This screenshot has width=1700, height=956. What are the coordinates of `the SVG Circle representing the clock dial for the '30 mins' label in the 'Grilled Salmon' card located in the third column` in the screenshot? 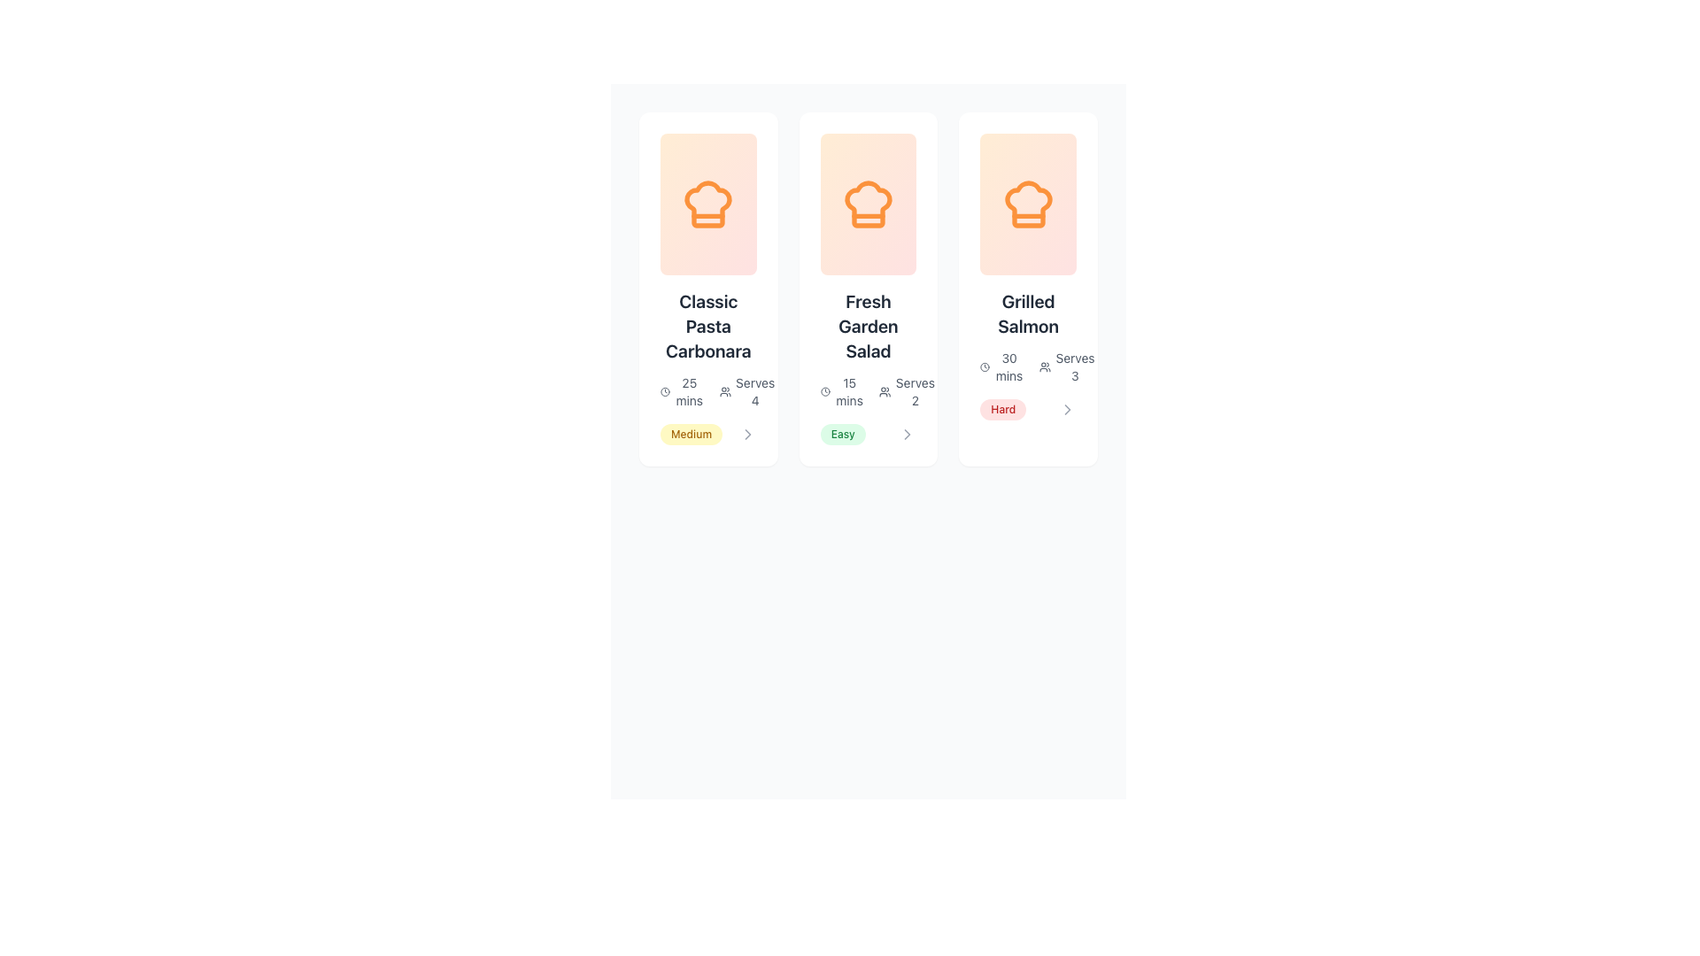 It's located at (984, 366).